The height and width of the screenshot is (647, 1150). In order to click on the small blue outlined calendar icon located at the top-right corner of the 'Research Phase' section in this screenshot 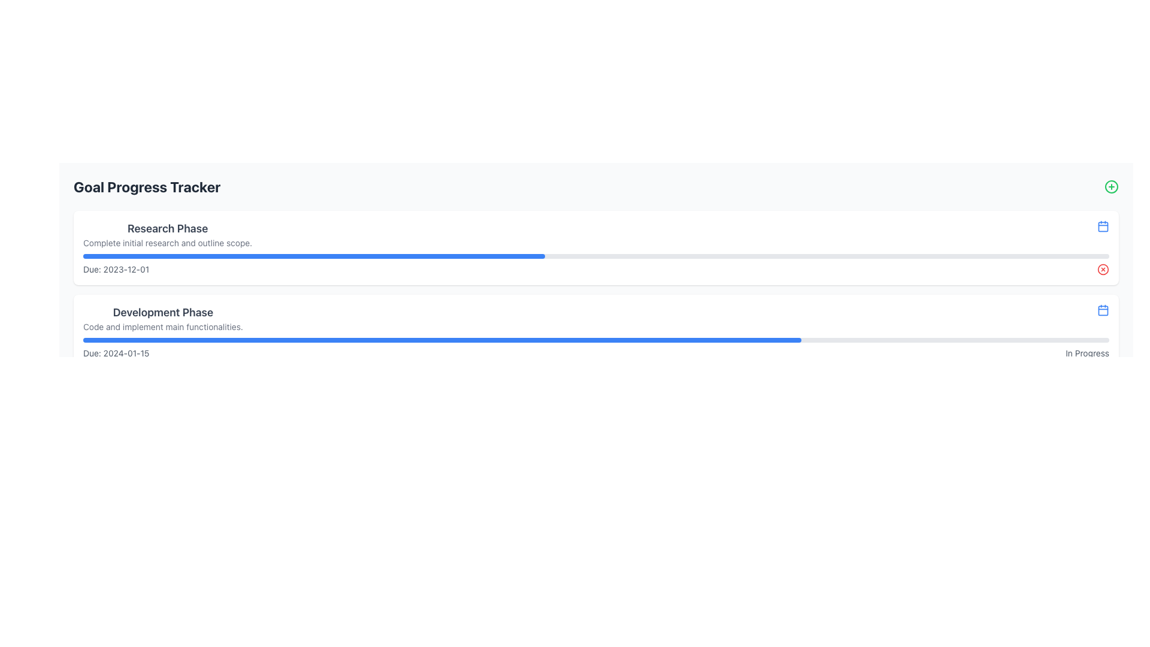, I will do `click(1103, 226)`.